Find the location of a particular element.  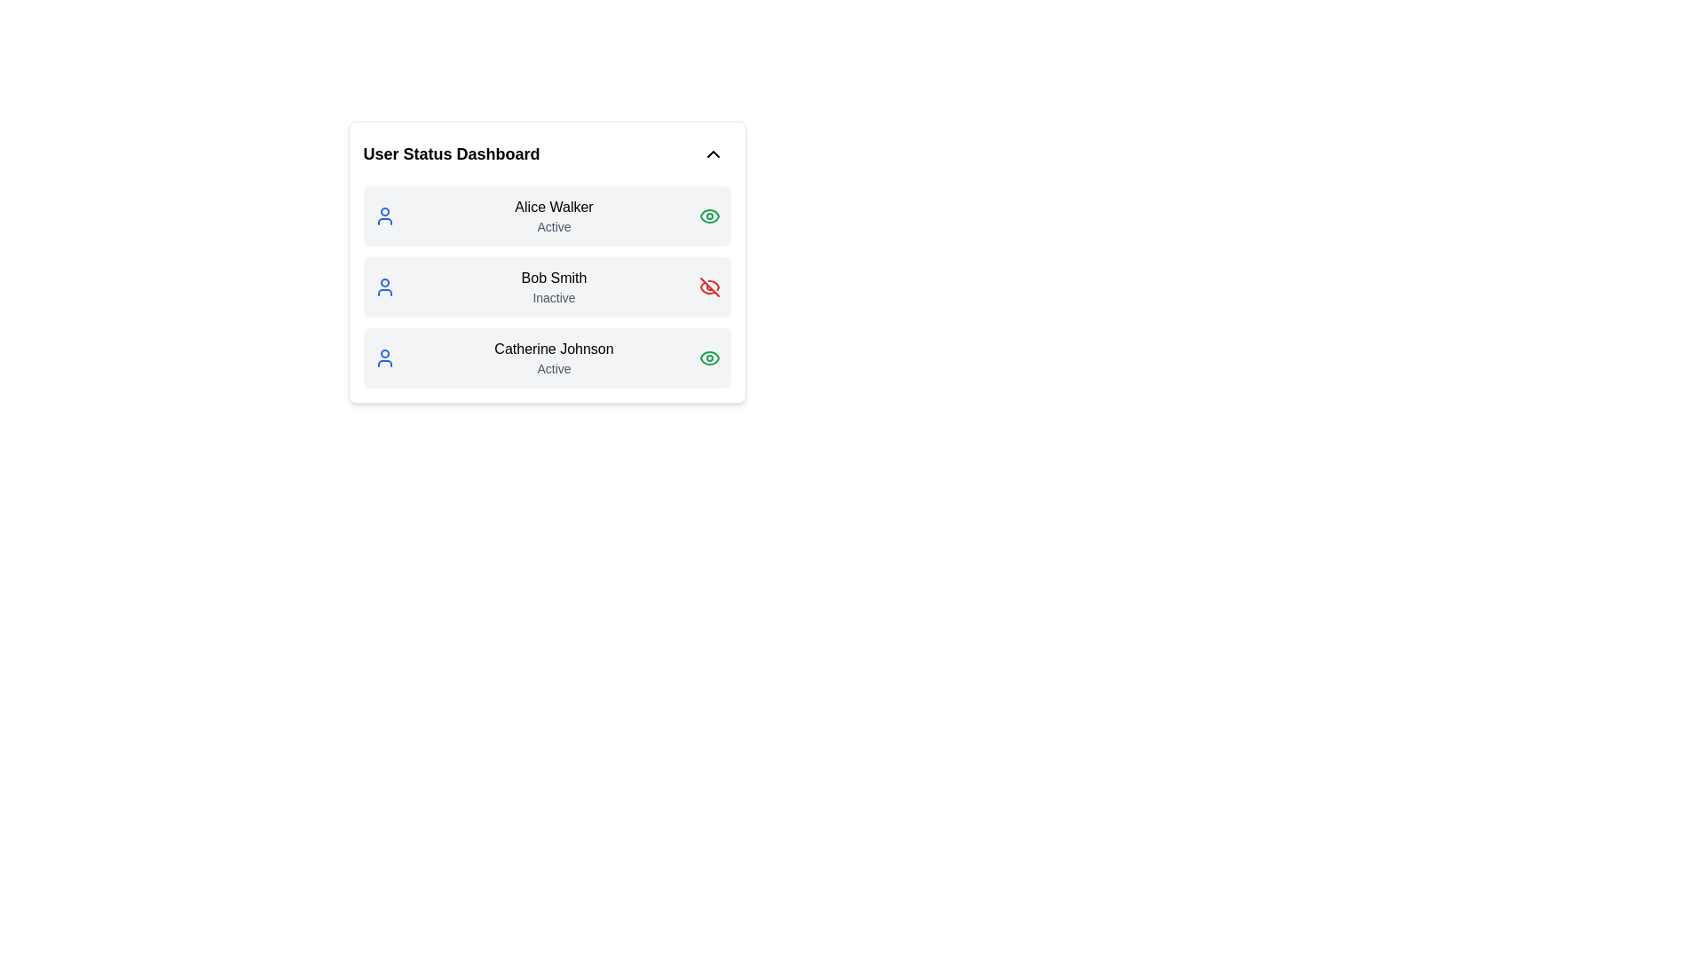

the user information text display located is located at coordinates (553, 215).